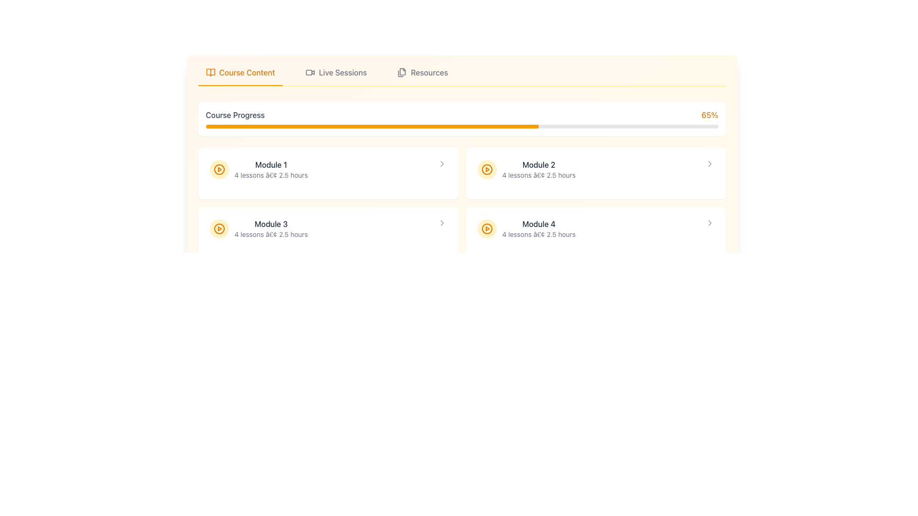 The width and height of the screenshot is (918, 516). What do you see at coordinates (259, 169) in the screenshot?
I see `the 'Module 1' text section with a play icon` at bounding box center [259, 169].